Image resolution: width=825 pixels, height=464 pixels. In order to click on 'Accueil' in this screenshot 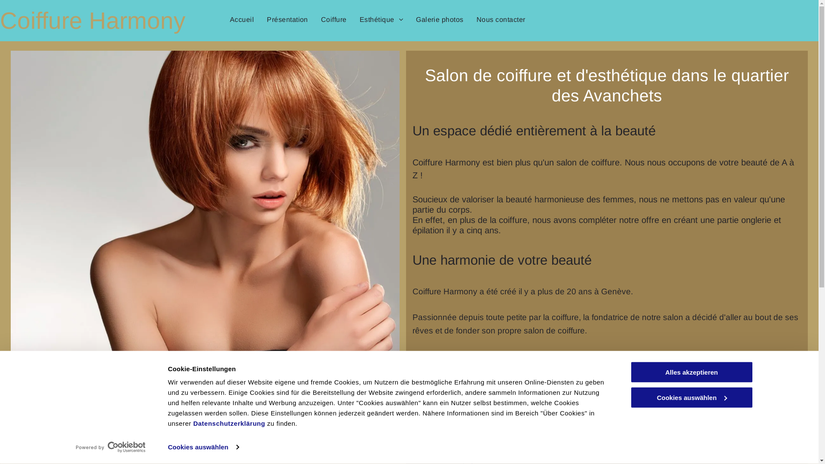, I will do `click(241, 19)`.